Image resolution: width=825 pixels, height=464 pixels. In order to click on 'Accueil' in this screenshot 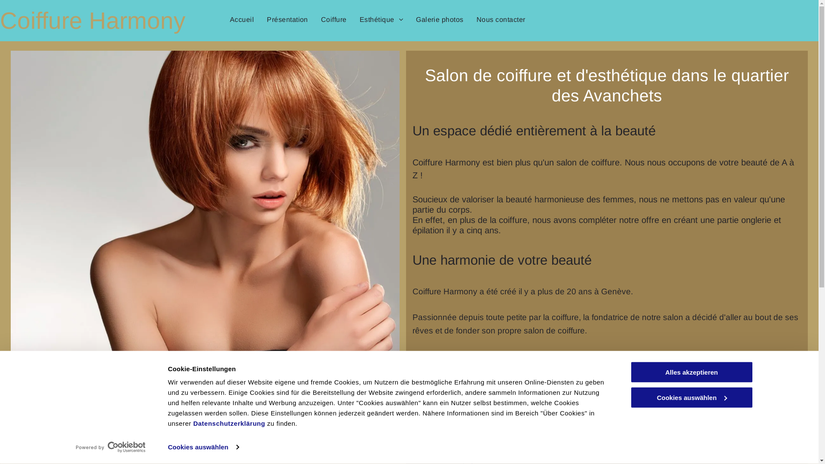, I will do `click(241, 19)`.